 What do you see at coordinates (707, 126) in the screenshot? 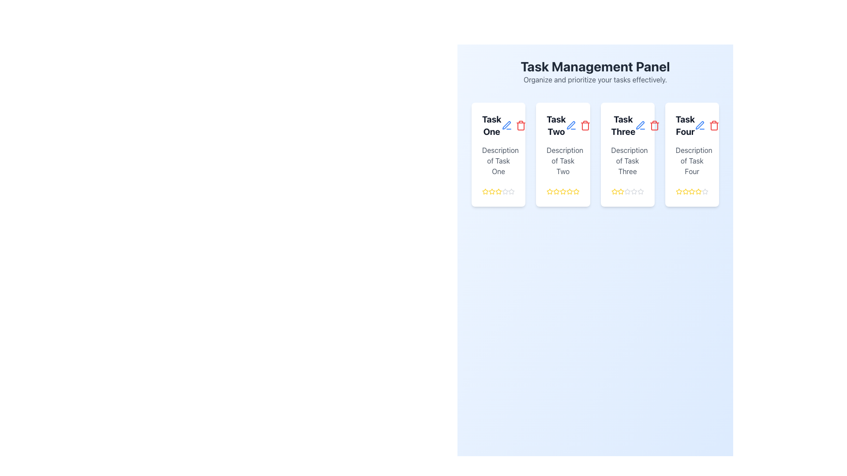
I see `the red trash can icon in the Icon group` at bounding box center [707, 126].